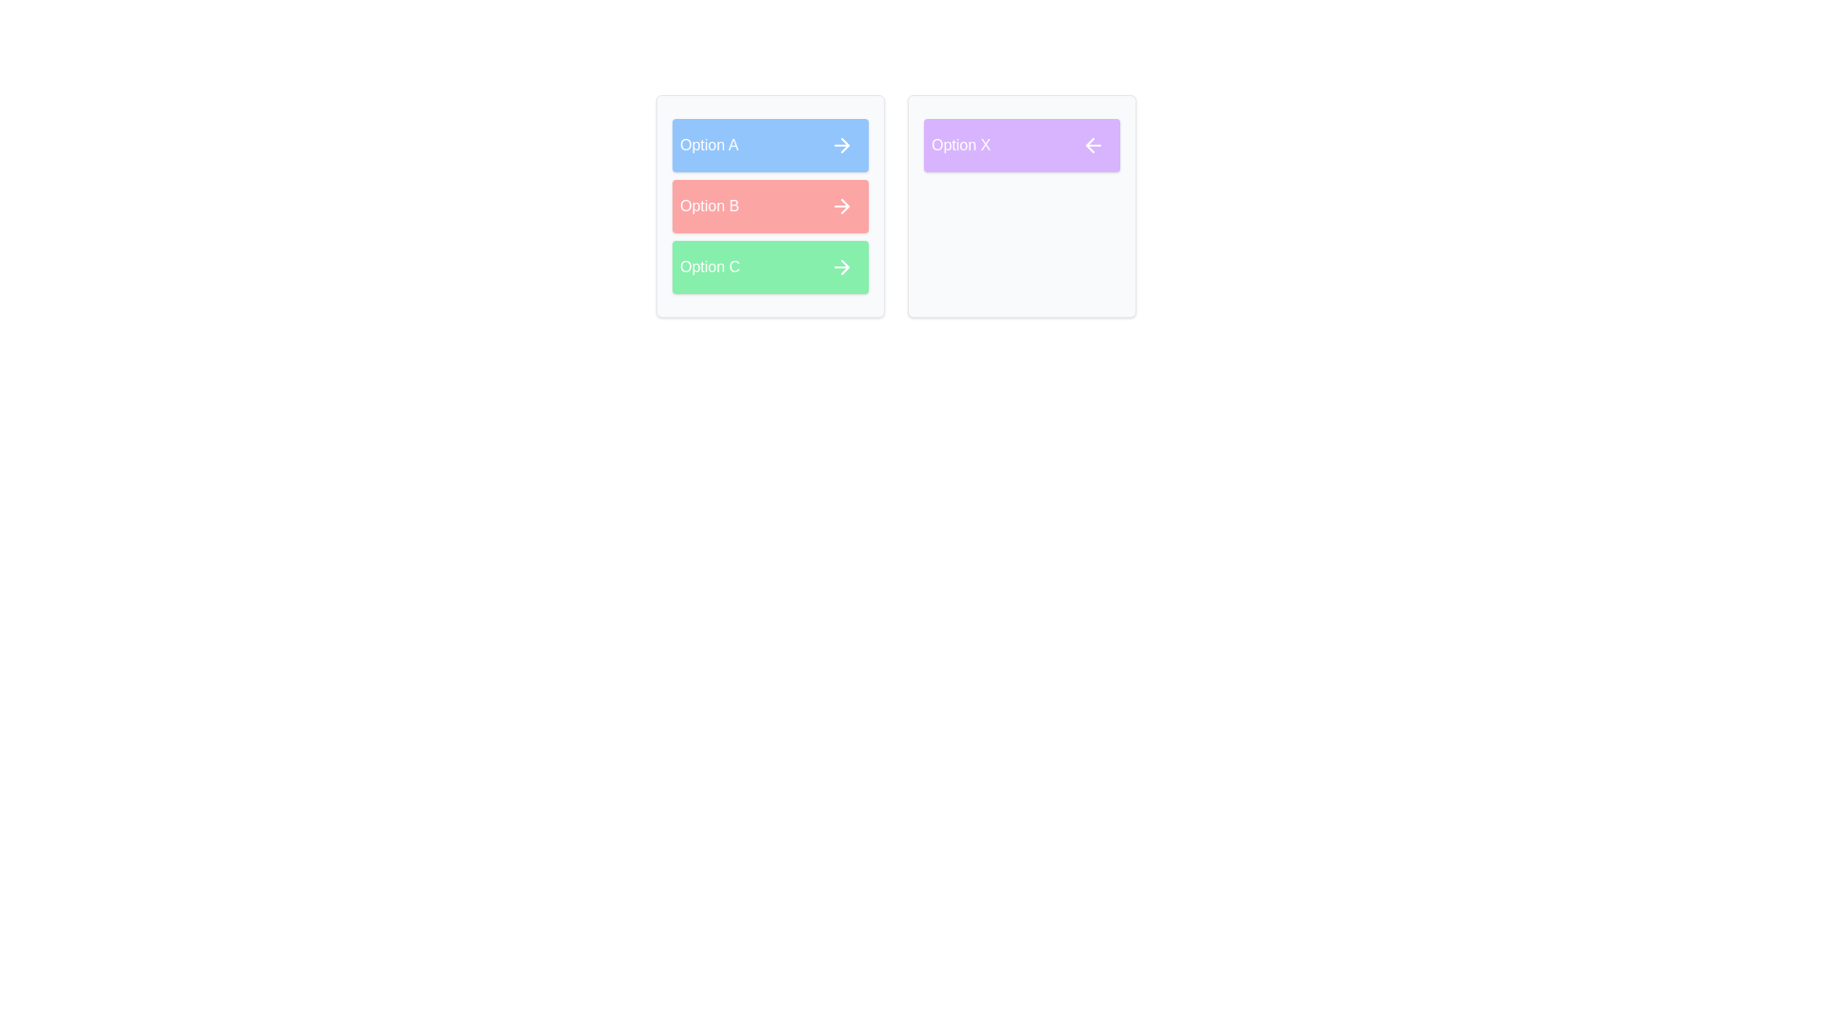  Describe the element at coordinates (771, 206) in the screenshot. I see `the item Option B in the list` at that location.